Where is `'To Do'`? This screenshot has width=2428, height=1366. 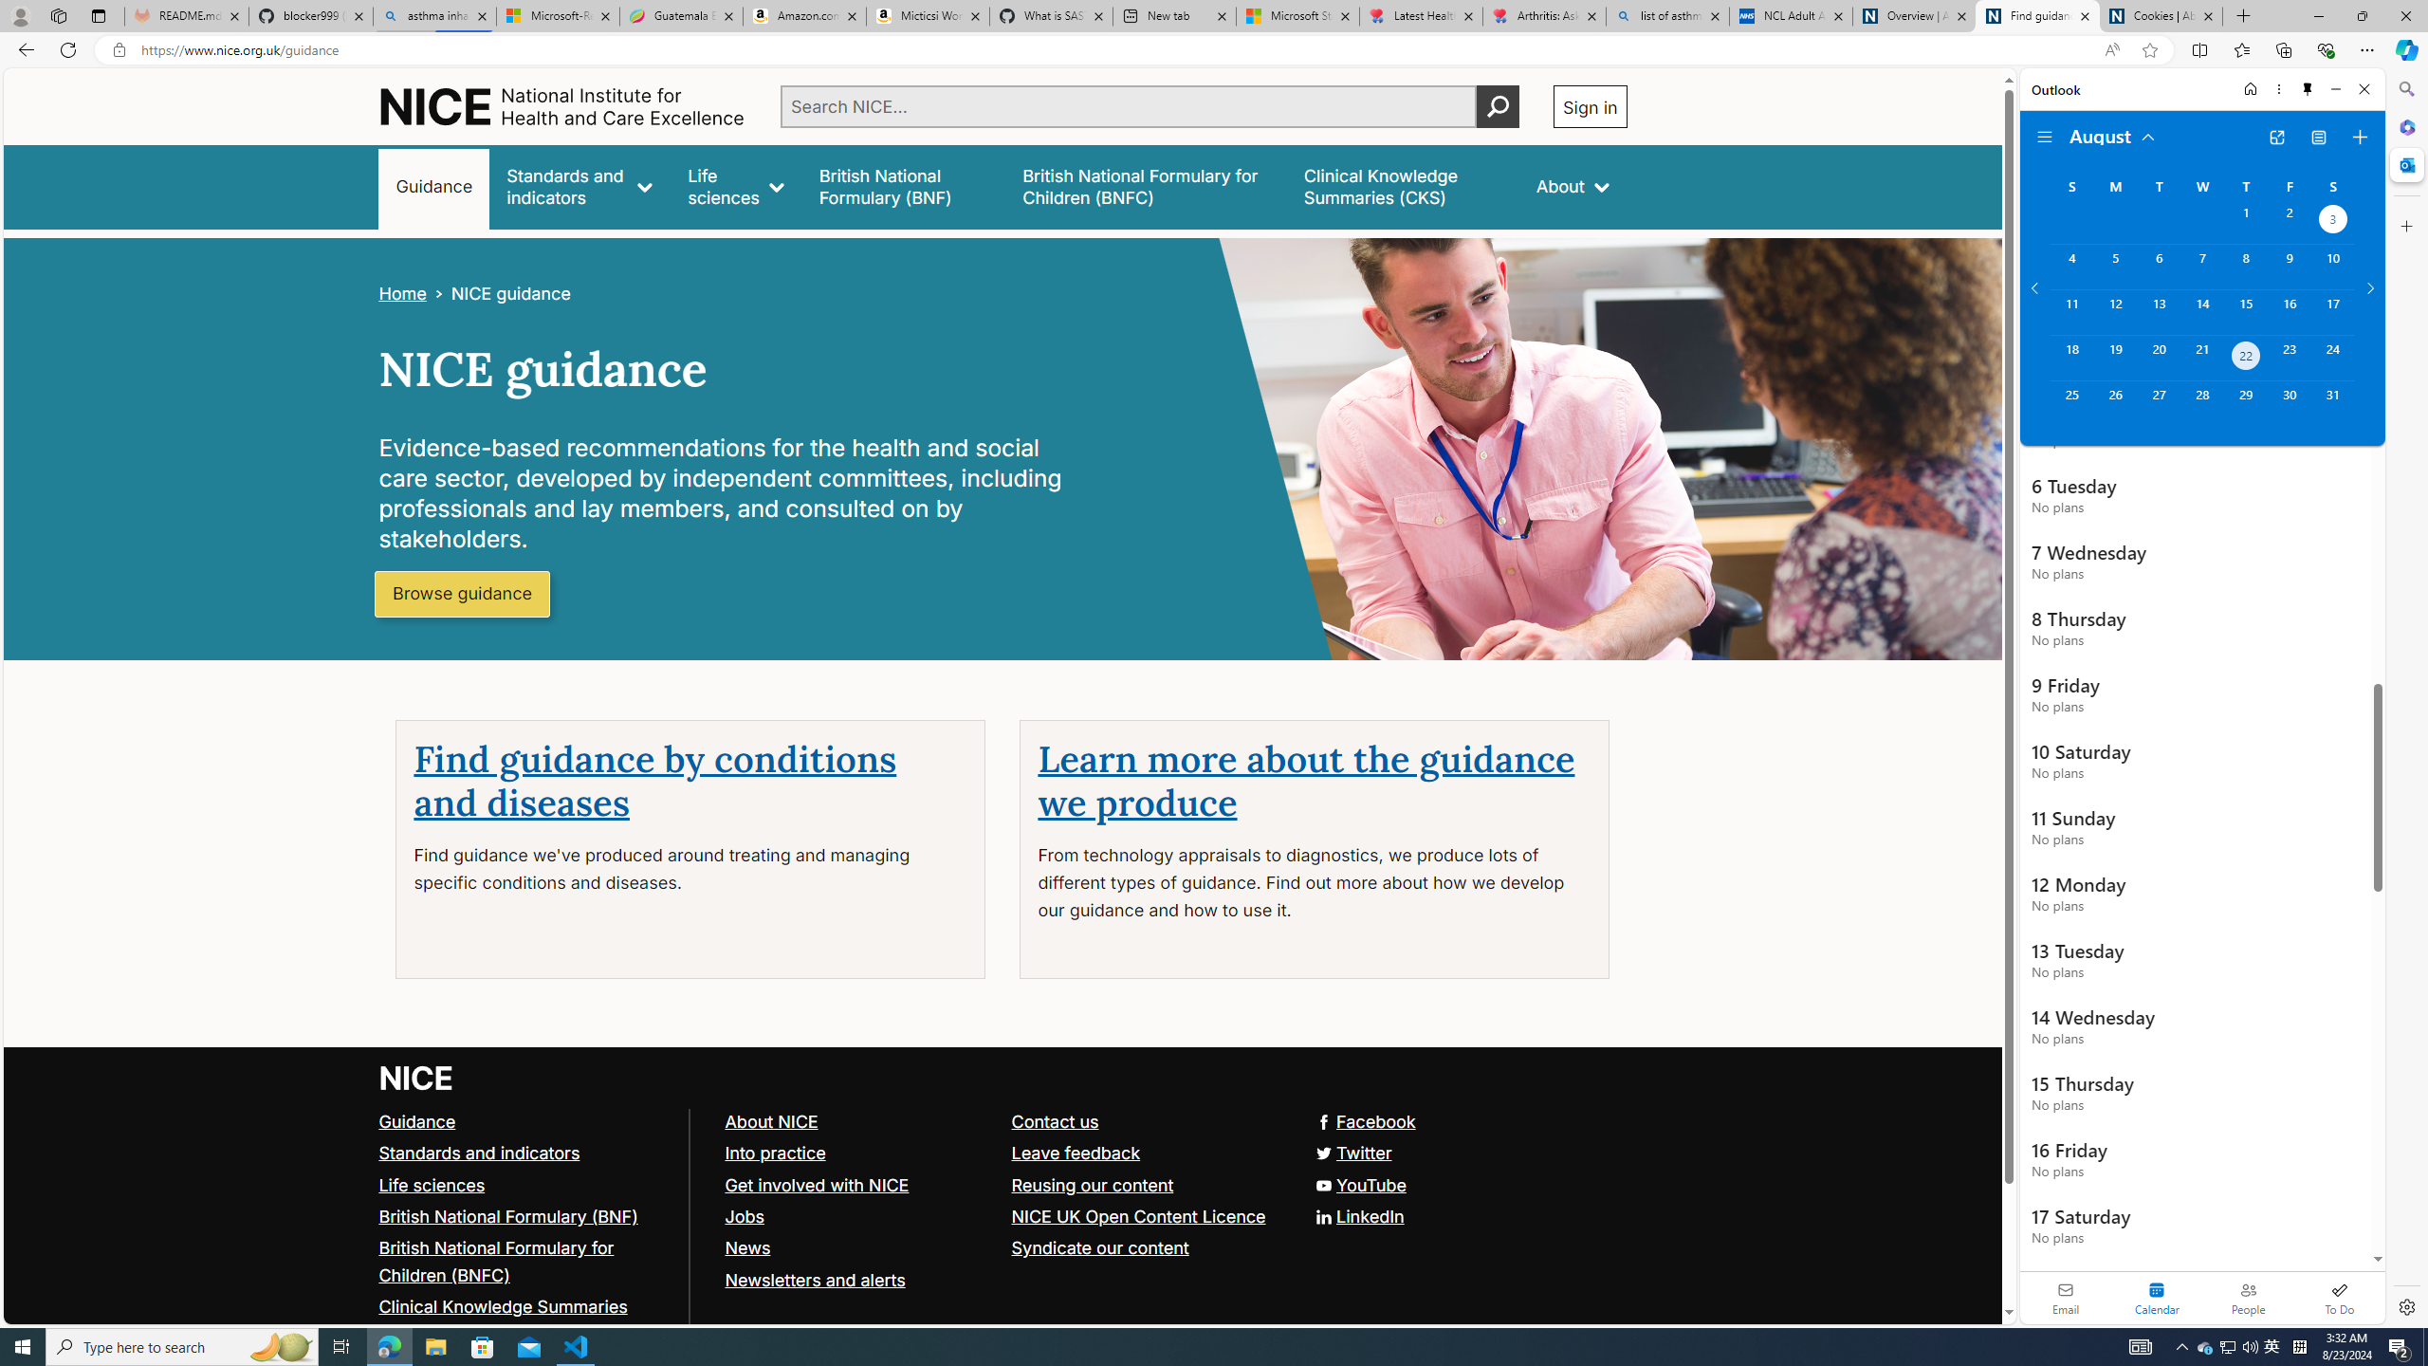
'To Do' is located at coordinates (2339, 1297).